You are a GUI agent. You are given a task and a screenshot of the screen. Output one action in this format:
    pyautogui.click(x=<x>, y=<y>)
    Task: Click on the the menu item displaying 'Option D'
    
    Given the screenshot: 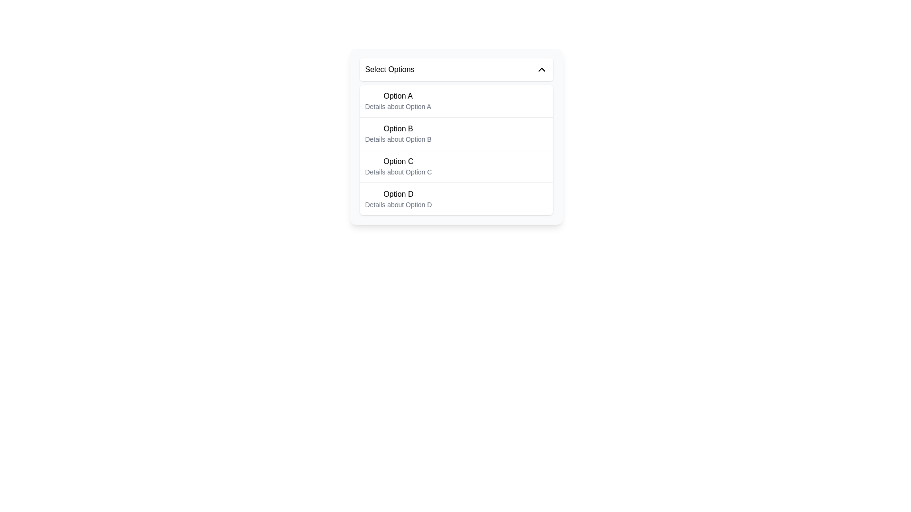 What is the action you would take?
    pyautogui.click(x=399, y=199)
    